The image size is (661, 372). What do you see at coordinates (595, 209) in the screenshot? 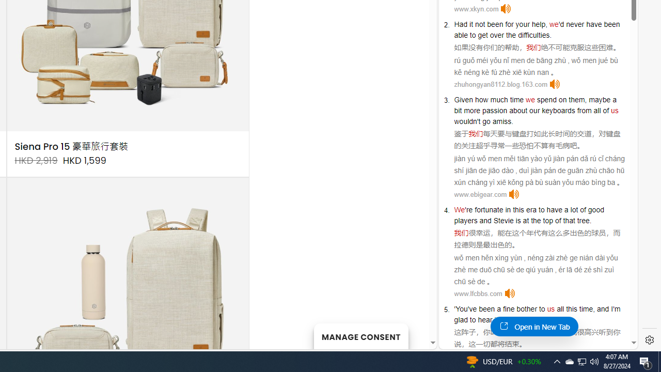
I see `'good'` at bounding box center [595, 209].